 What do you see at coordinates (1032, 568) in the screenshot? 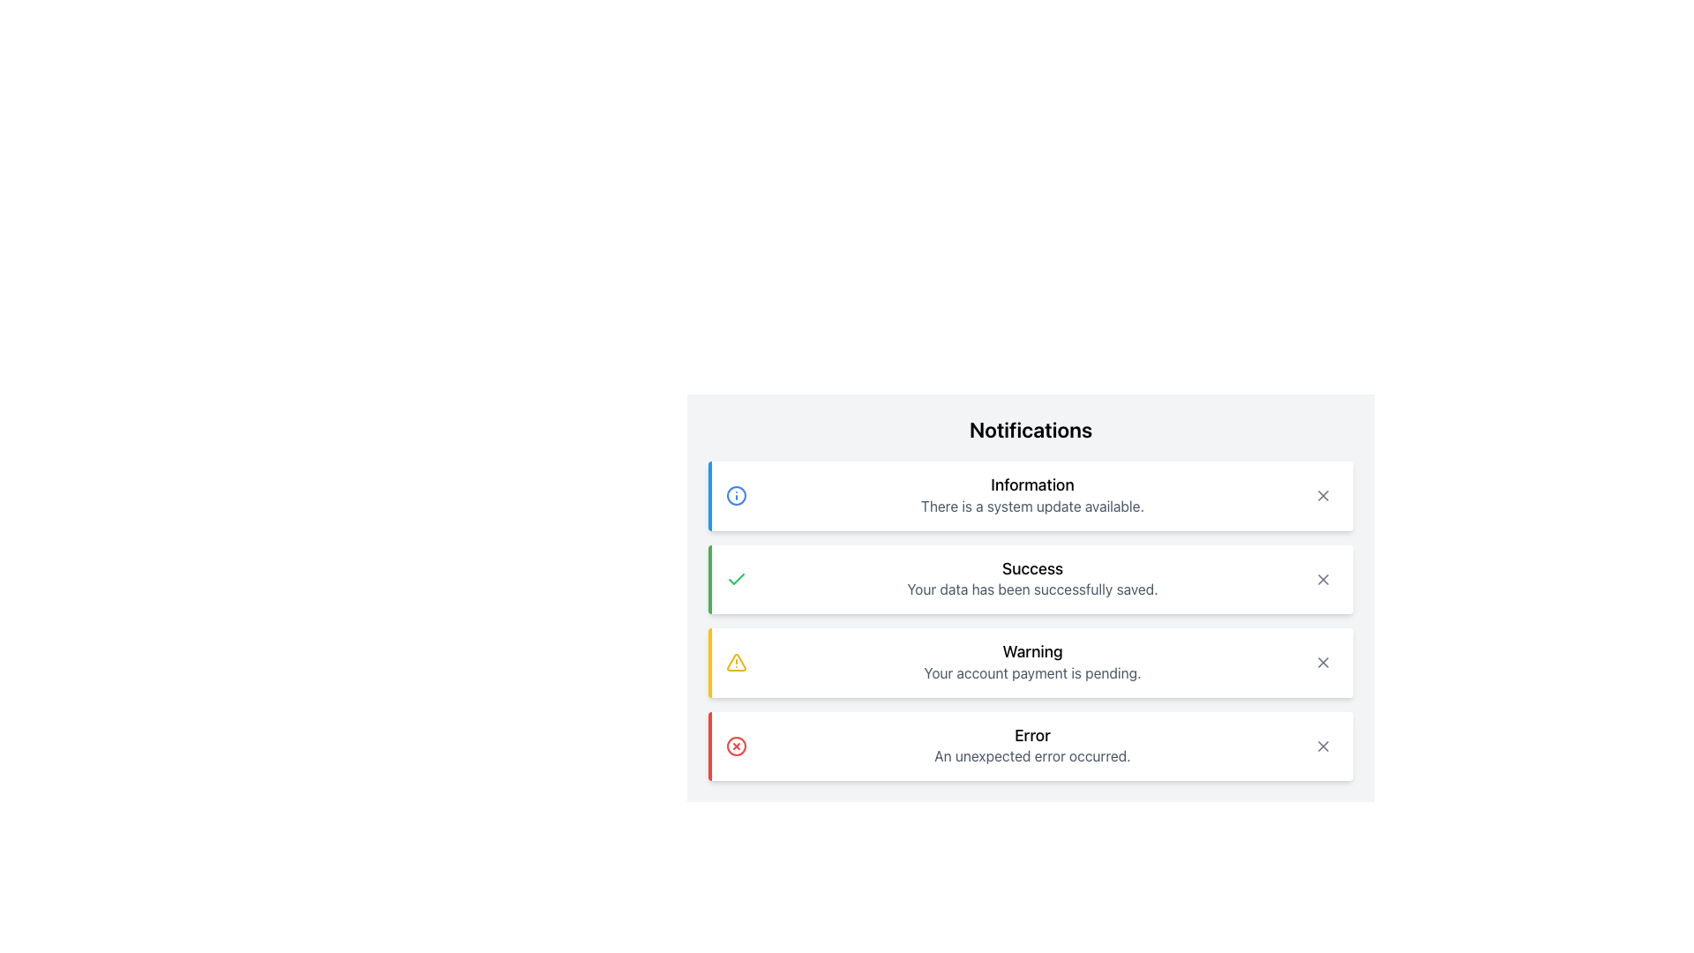
I see `the 'Success' notification title Text Label located in the second notification card under the 'Notifications' heading` at bounding box center [1032, 568].